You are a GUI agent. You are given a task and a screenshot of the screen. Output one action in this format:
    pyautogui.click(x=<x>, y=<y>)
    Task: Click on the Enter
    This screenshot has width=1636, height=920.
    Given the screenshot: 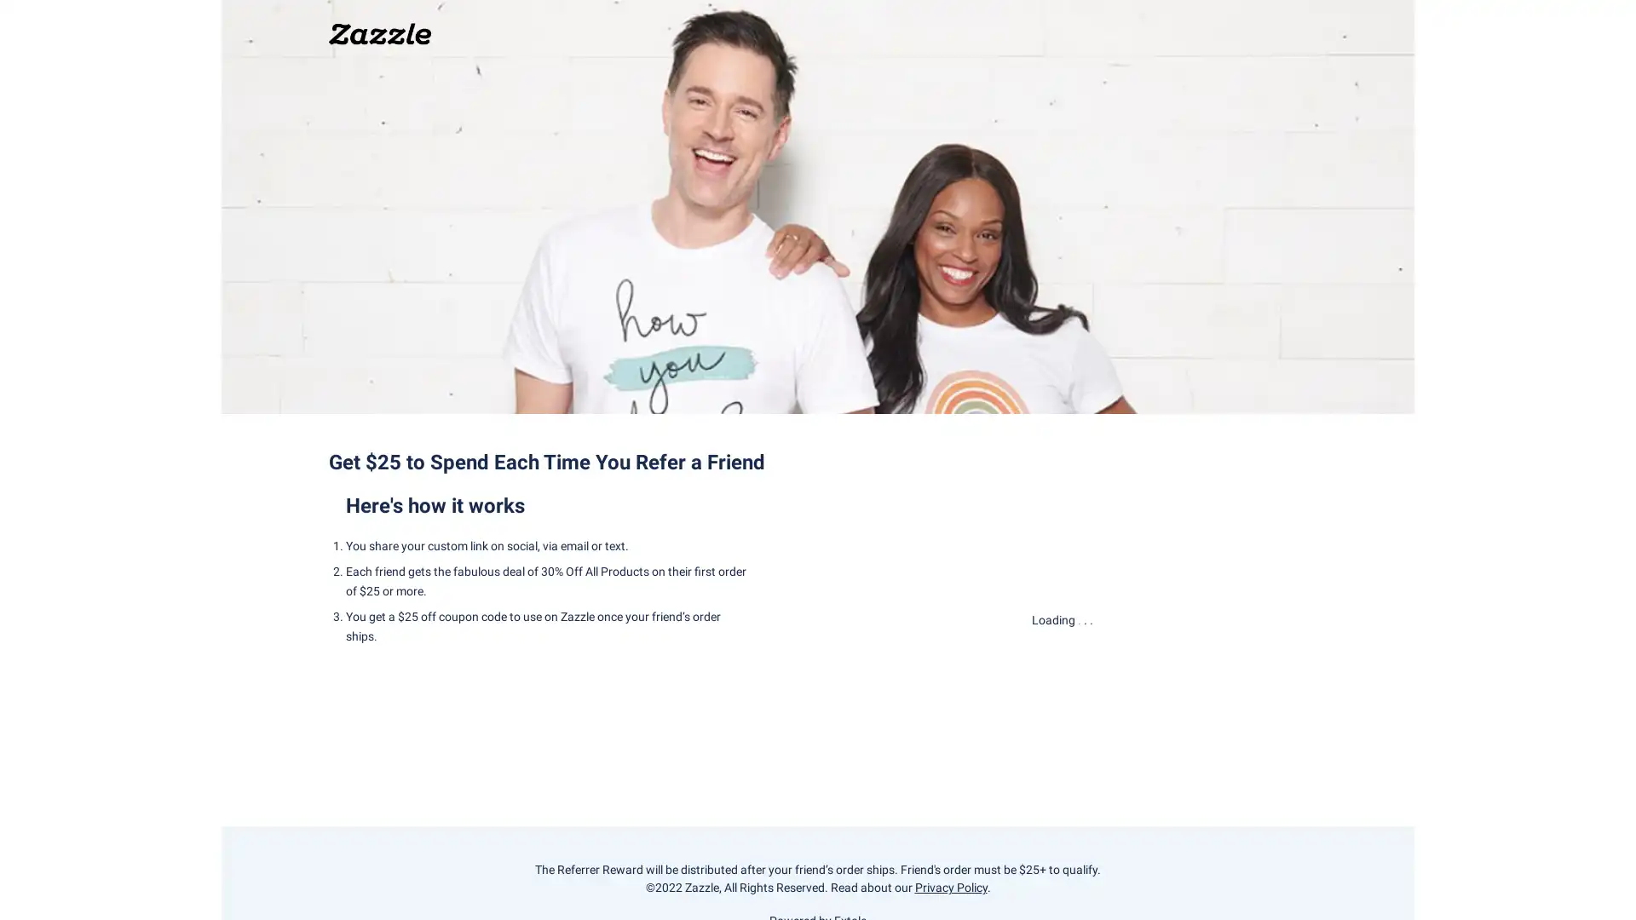 What is the action you would take?
    pyautogui.click(x=1062, y=671)
    